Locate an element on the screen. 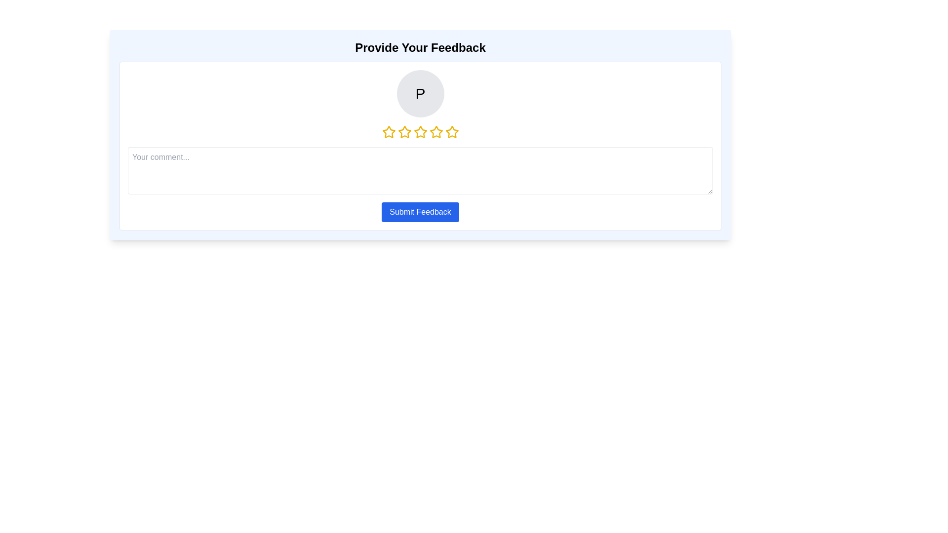 This screenshot has width=948, height=533. the star corresponding to 4 stars to set the rating is located at coordinates (435, 131).